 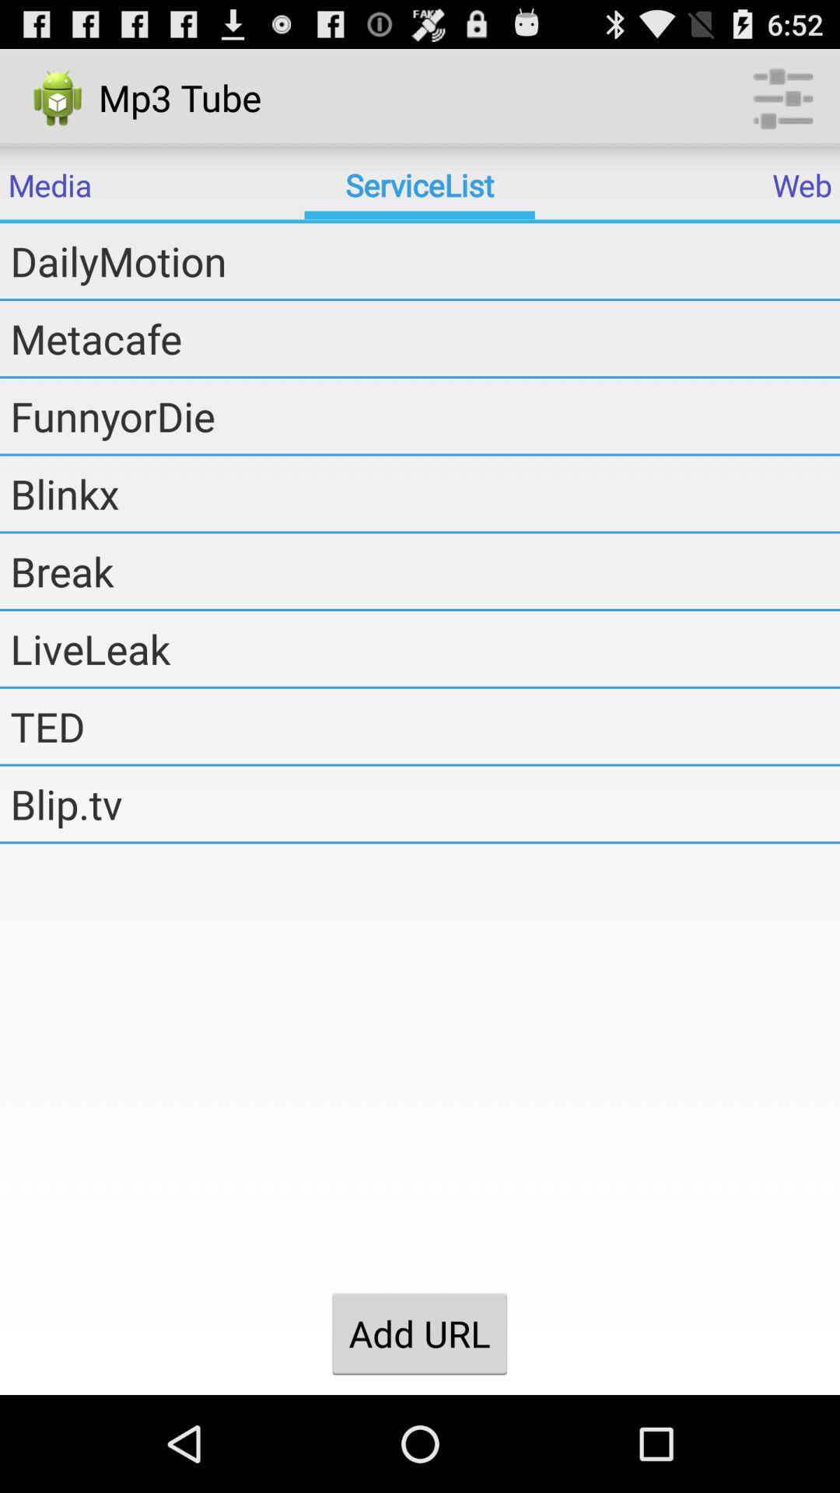 I want to click on item below liveleak, so click(x=425, y=726).